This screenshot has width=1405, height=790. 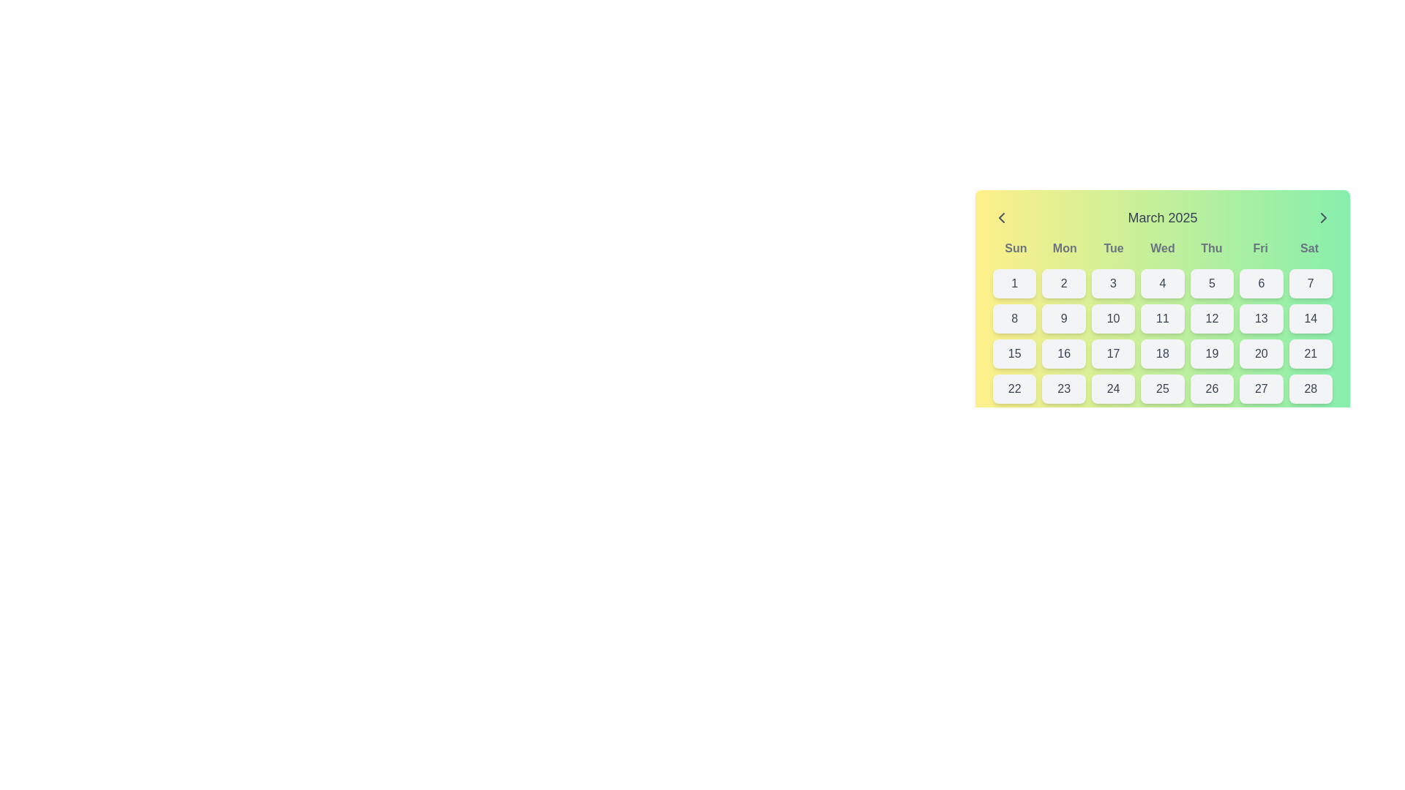 What do you see at coordinates (1161, 317) in the screenshot?
I see `the interactive calendar day selector button representing the date '11' located in the second row, fourth column of the calendar layout to trigger hover effects` at bounding box center [1161, 317].